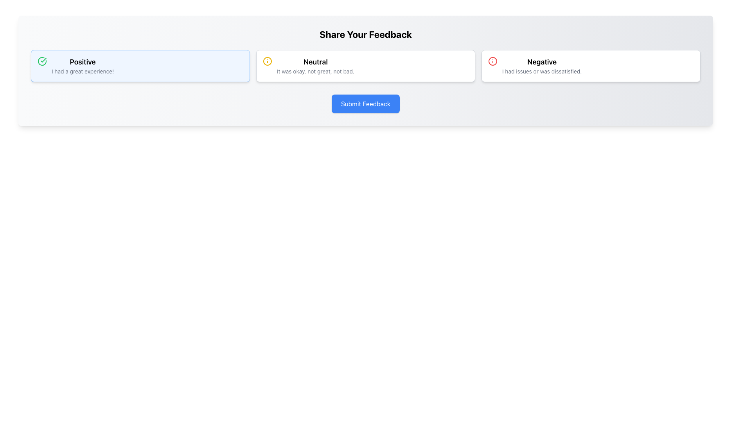  Describe the element at coordinates (541, 71) in the screenshot. I see `the static text element that reads 'I had issues or was dissatisfied.' located below the title 'Negative' in the card interface` at that location.